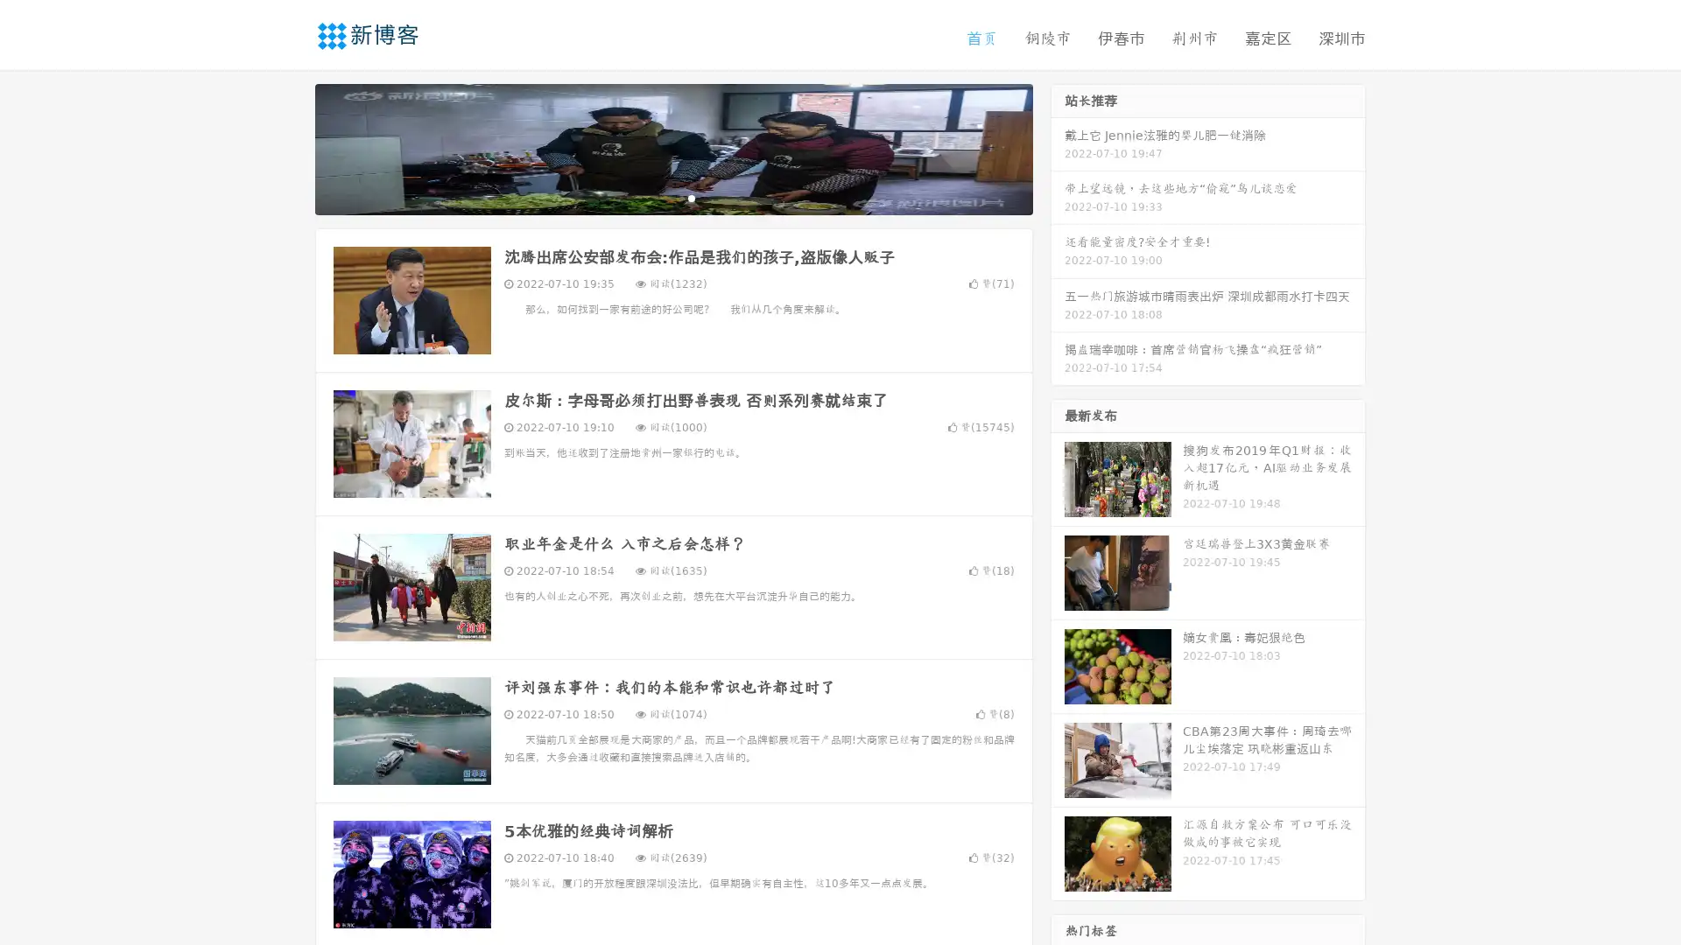 Image resolution: width=1681 pixels, height=945 pixels. What do you see at coordinates (672, 197) in the screenshot?
I see `Go to slide 2` at bounding box center [672, 197].